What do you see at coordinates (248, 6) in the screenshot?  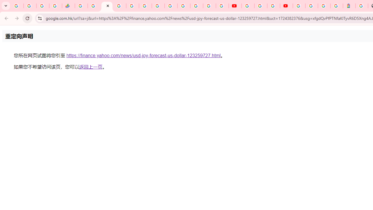 I see `'YouTube'` at bounding box center [248, 6].